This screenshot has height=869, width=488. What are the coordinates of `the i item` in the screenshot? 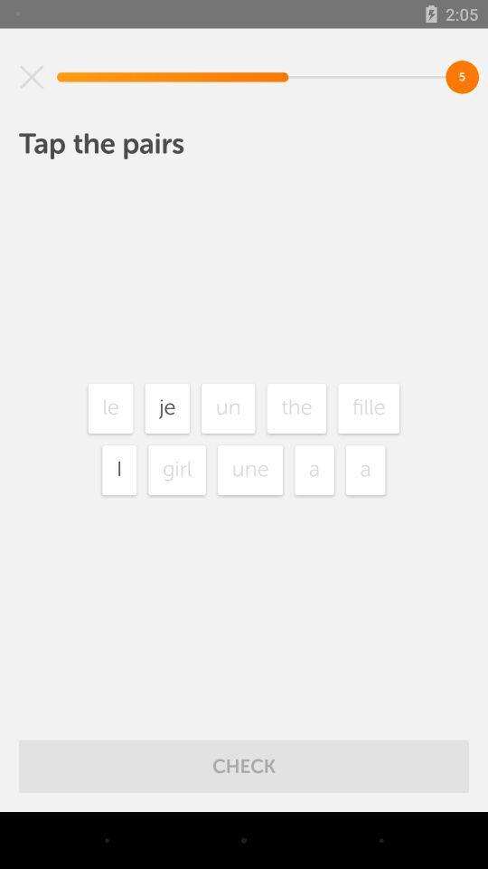 It's located at (119, 469).